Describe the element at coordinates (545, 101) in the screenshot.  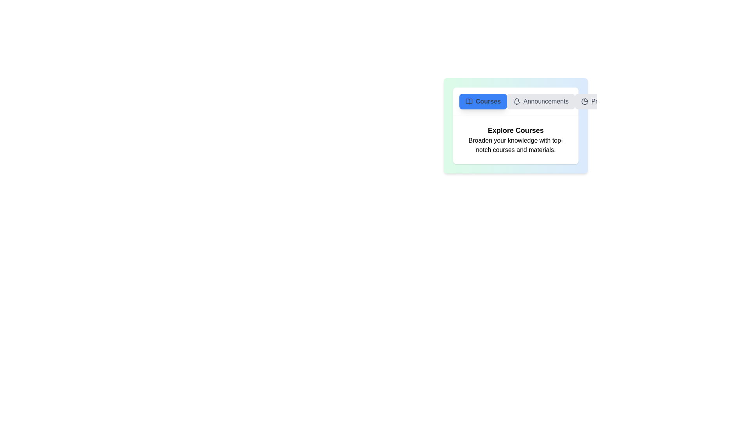
I see `the 'Announcements' text label within the navigation bar` at that location.